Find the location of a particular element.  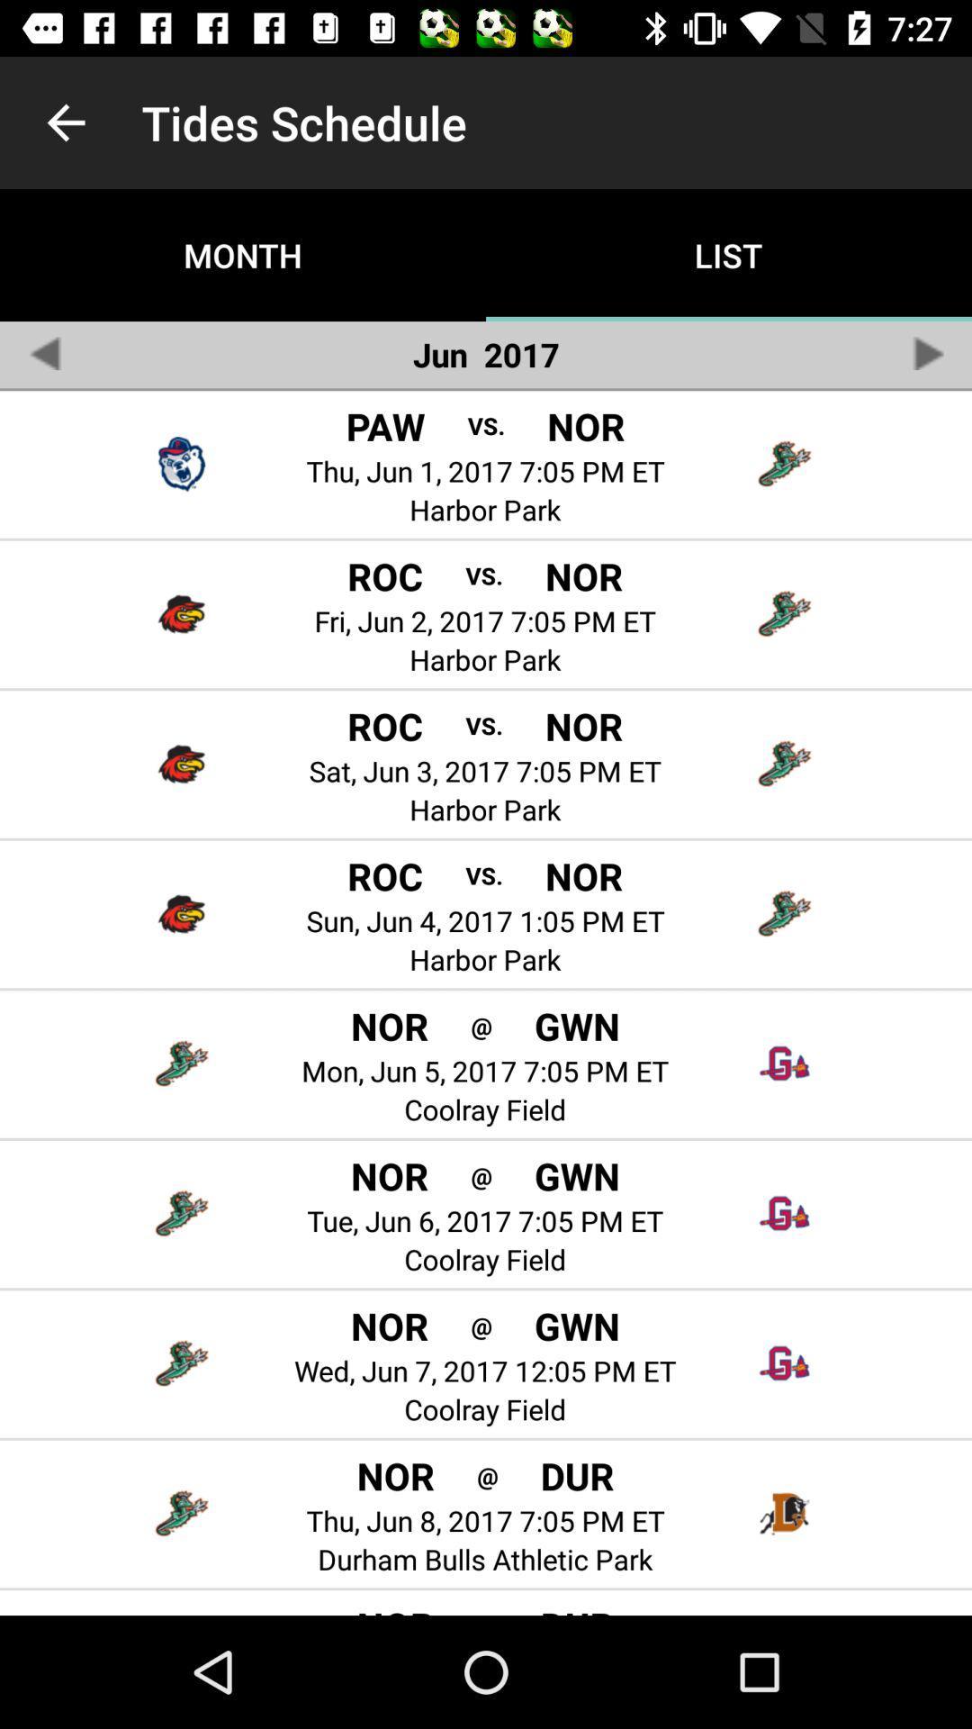

the item next to the dur icon is located at coordinates (487, 1475).